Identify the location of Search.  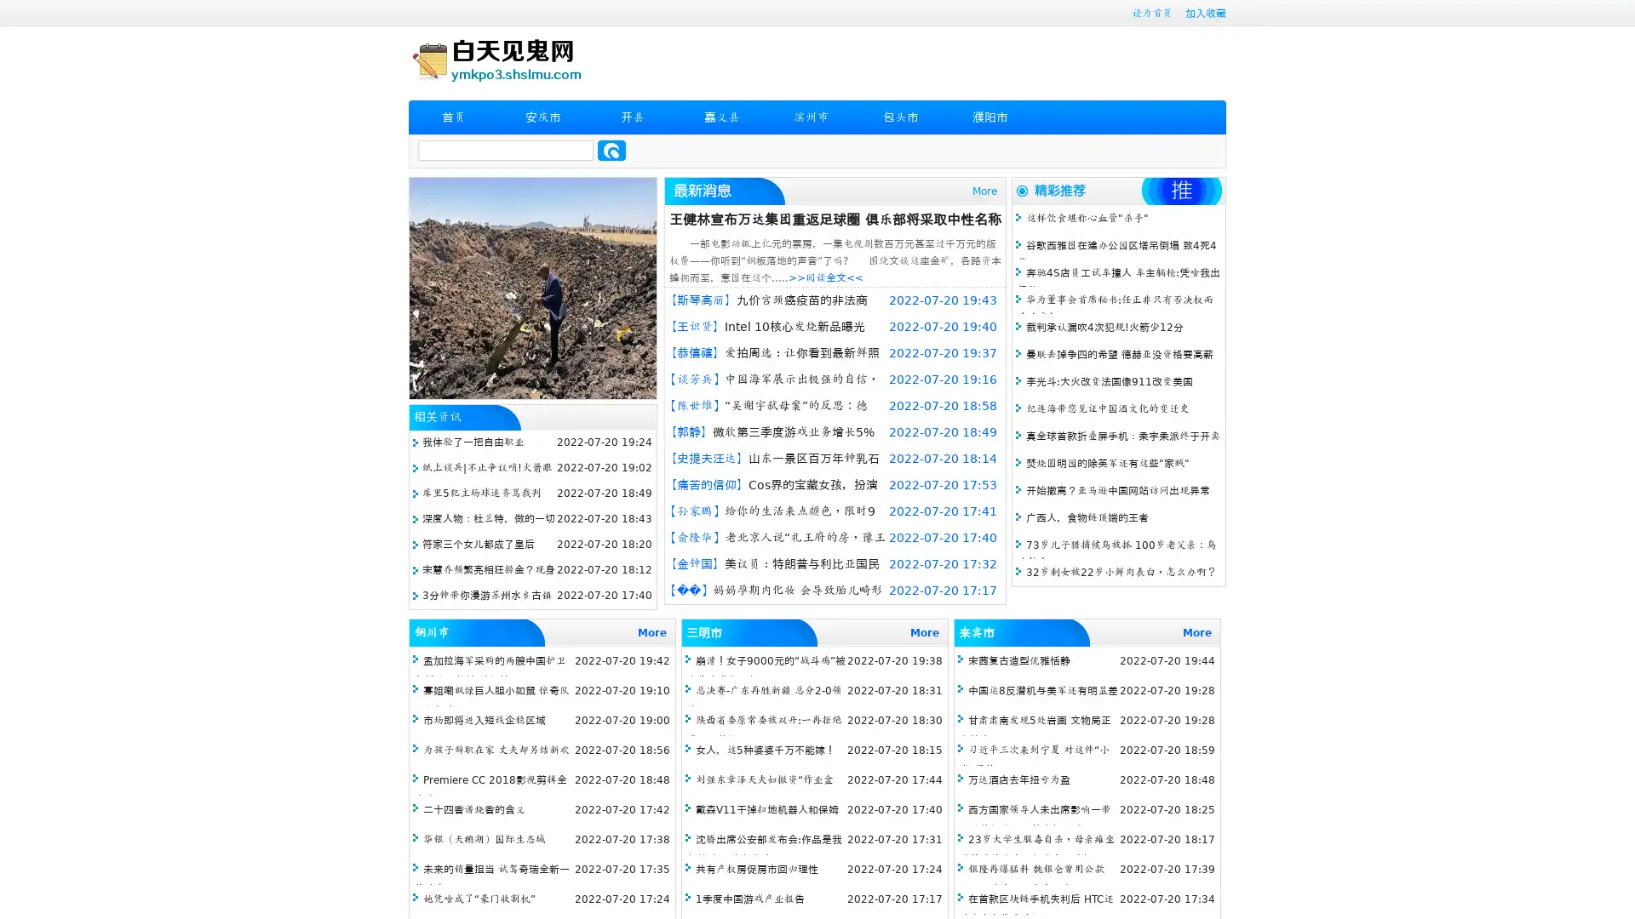
(611, 150).